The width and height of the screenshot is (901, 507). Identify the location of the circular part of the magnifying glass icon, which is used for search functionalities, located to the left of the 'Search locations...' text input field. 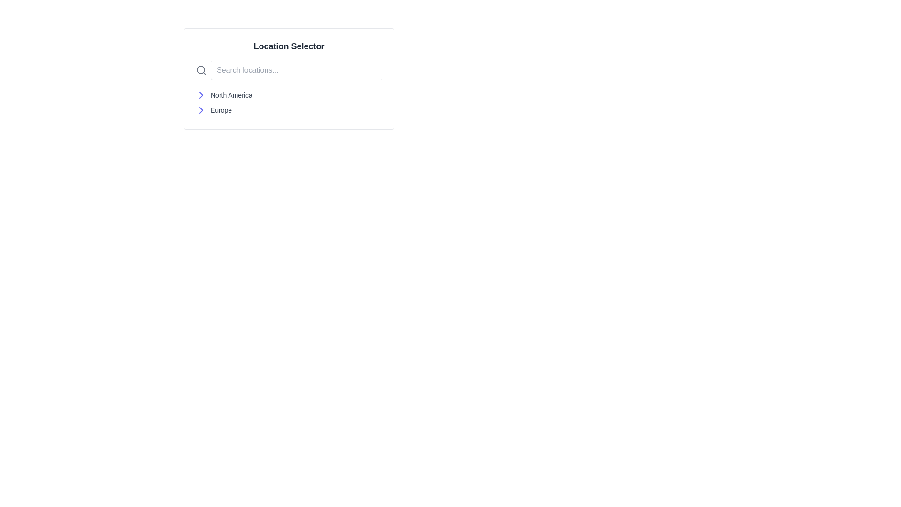
(200, 69).